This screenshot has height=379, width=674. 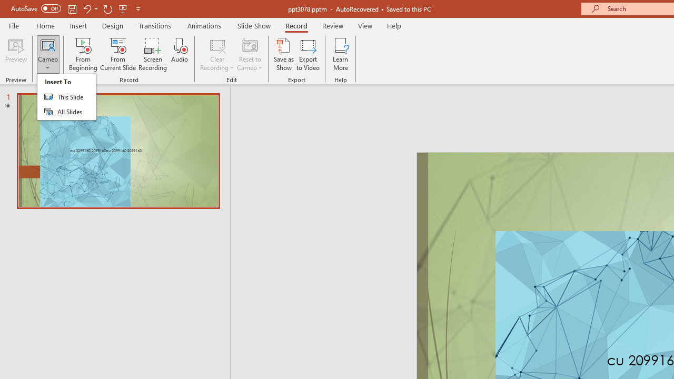 I want to click on 'Home', so click(x=45, y=25).